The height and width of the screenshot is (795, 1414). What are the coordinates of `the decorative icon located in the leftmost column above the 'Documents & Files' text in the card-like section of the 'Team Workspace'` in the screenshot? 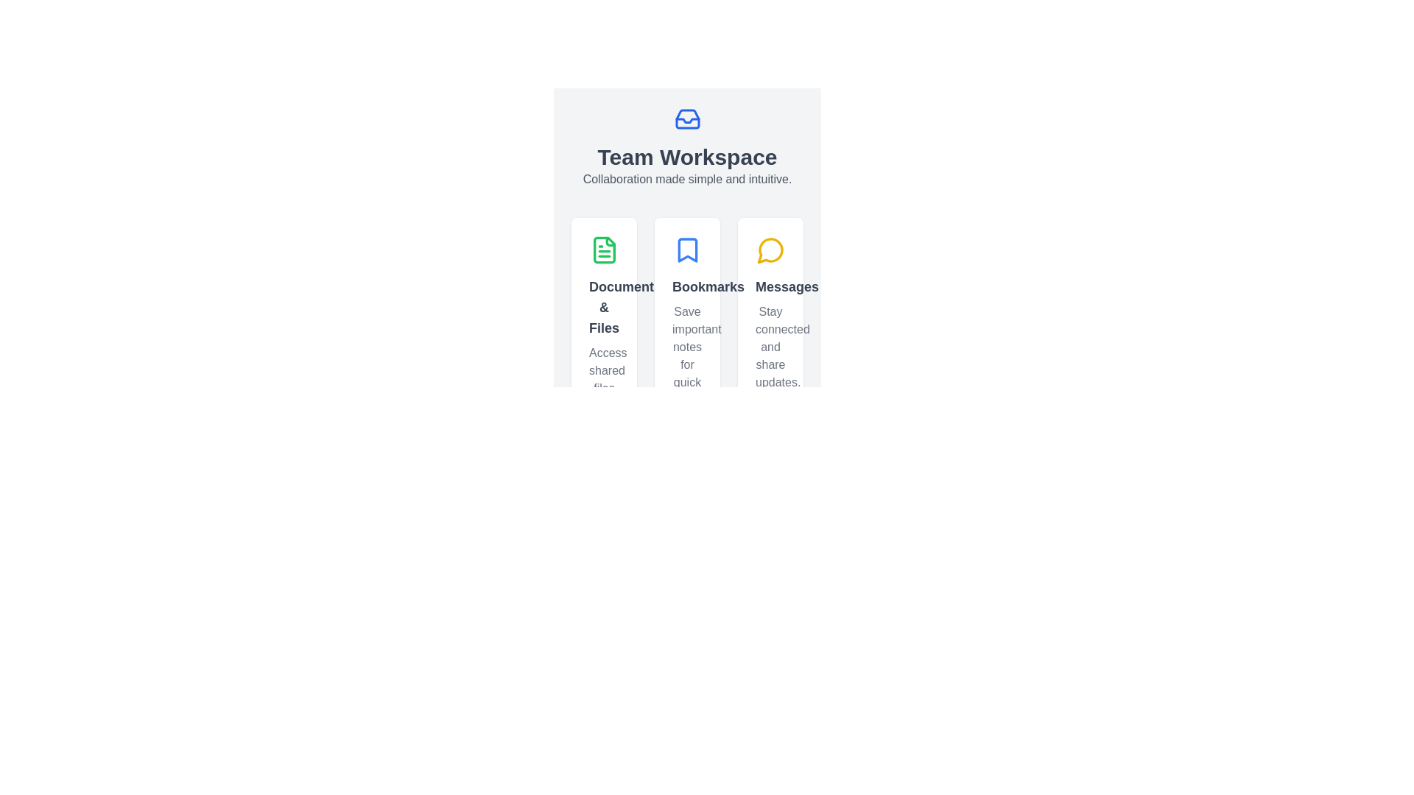 It's located at (604, 249).